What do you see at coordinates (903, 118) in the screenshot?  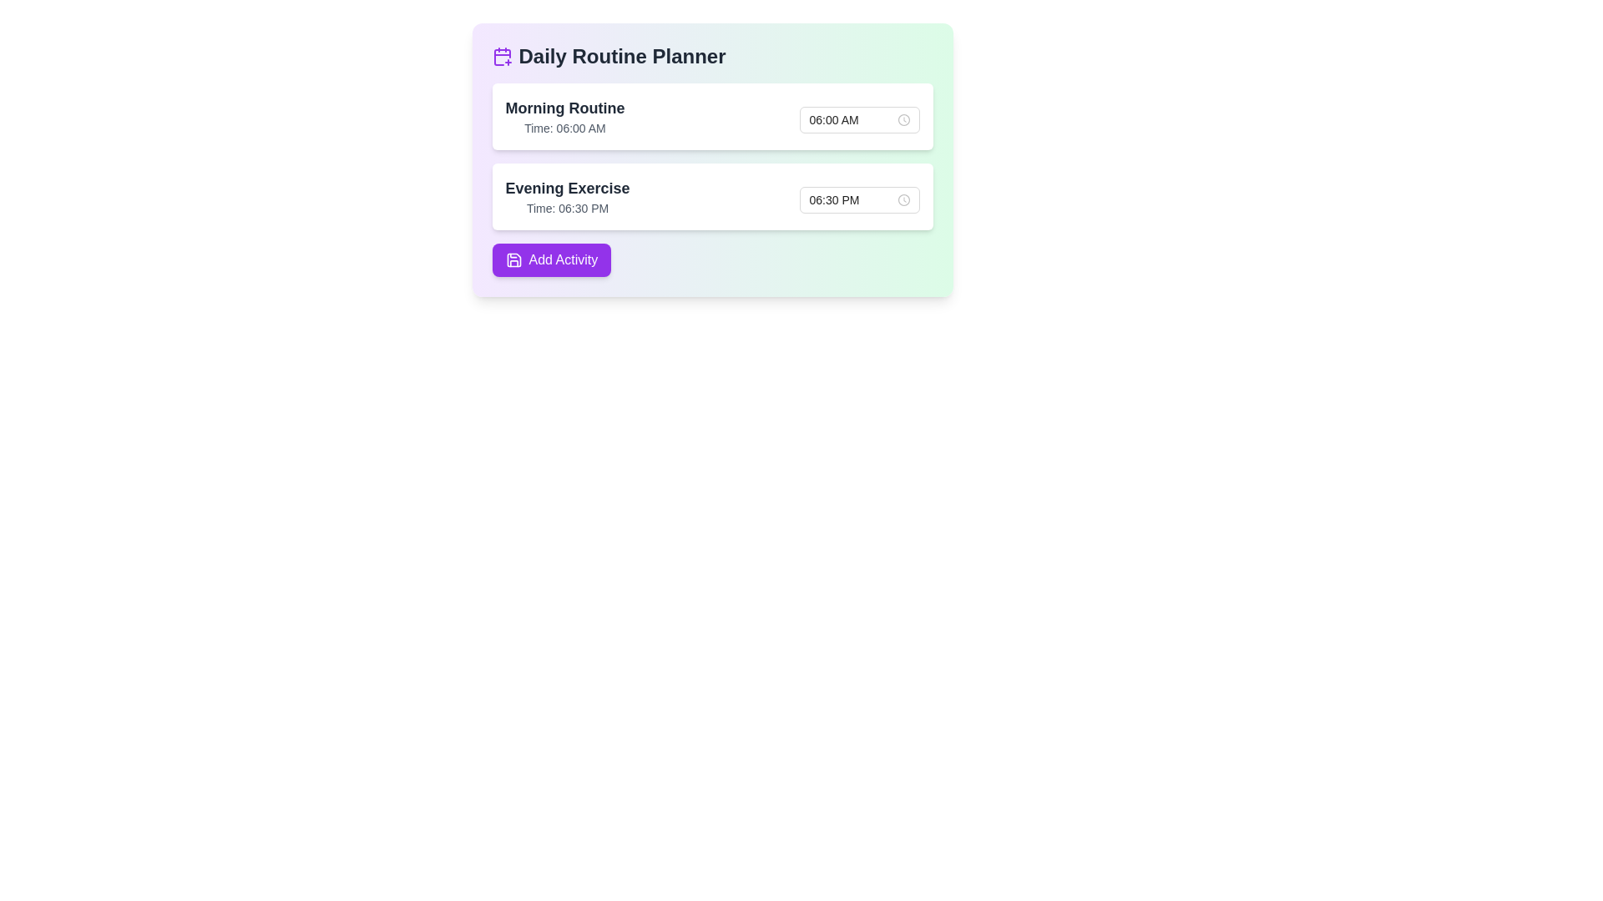 I see `the button with a clock icon located next to the '06:00 AM' input in the 'Morning Routine' section of the 'Daily Routine Planner'` at bounding box center [903, 118].